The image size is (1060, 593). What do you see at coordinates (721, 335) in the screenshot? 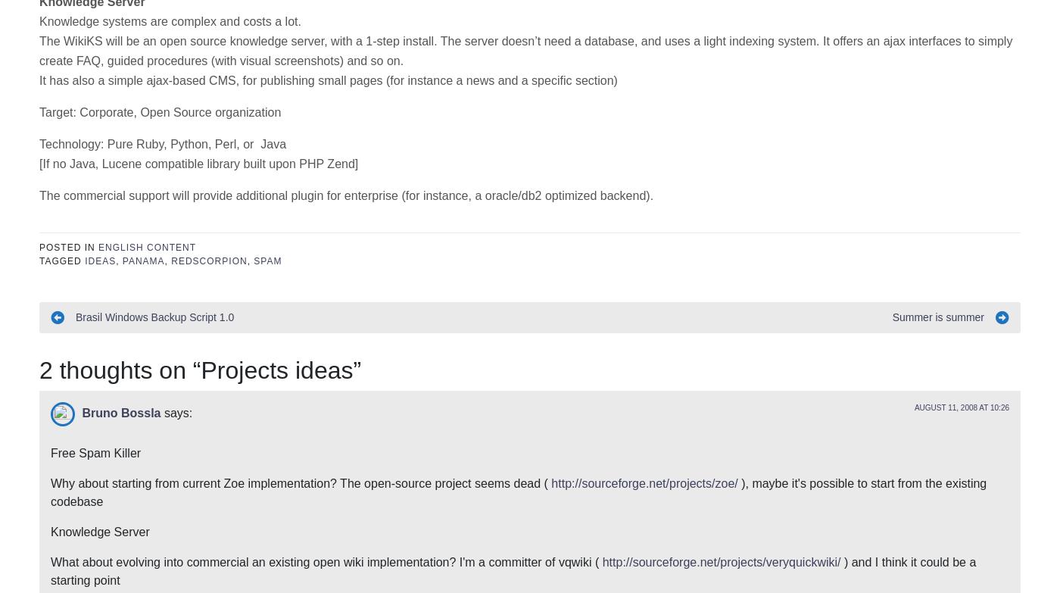
I see `'http://sourceforge.net/projects/veryquickwiki/'` at bounding box center [721, 335].